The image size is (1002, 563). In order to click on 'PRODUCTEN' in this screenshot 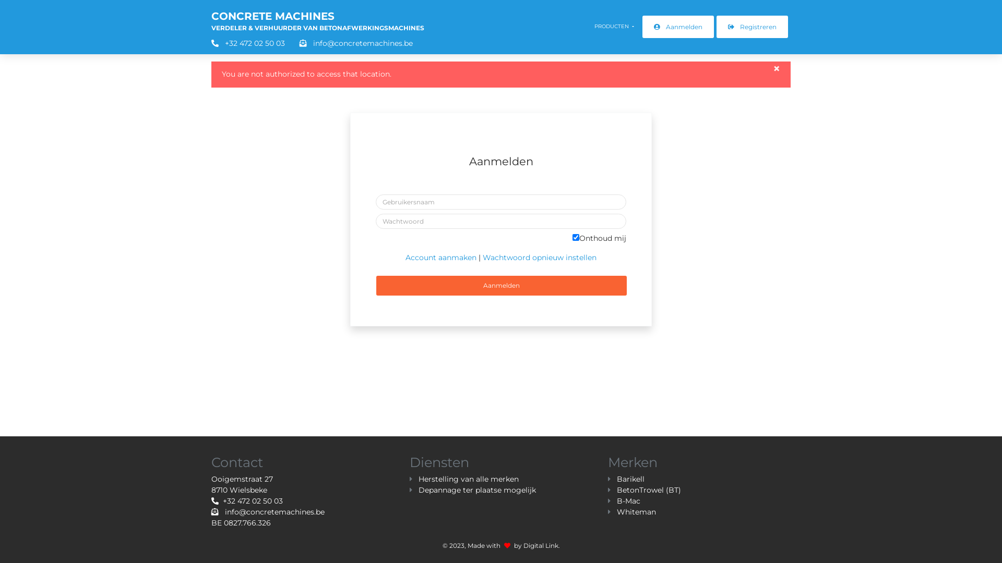, I will do `click(614, 26)`.